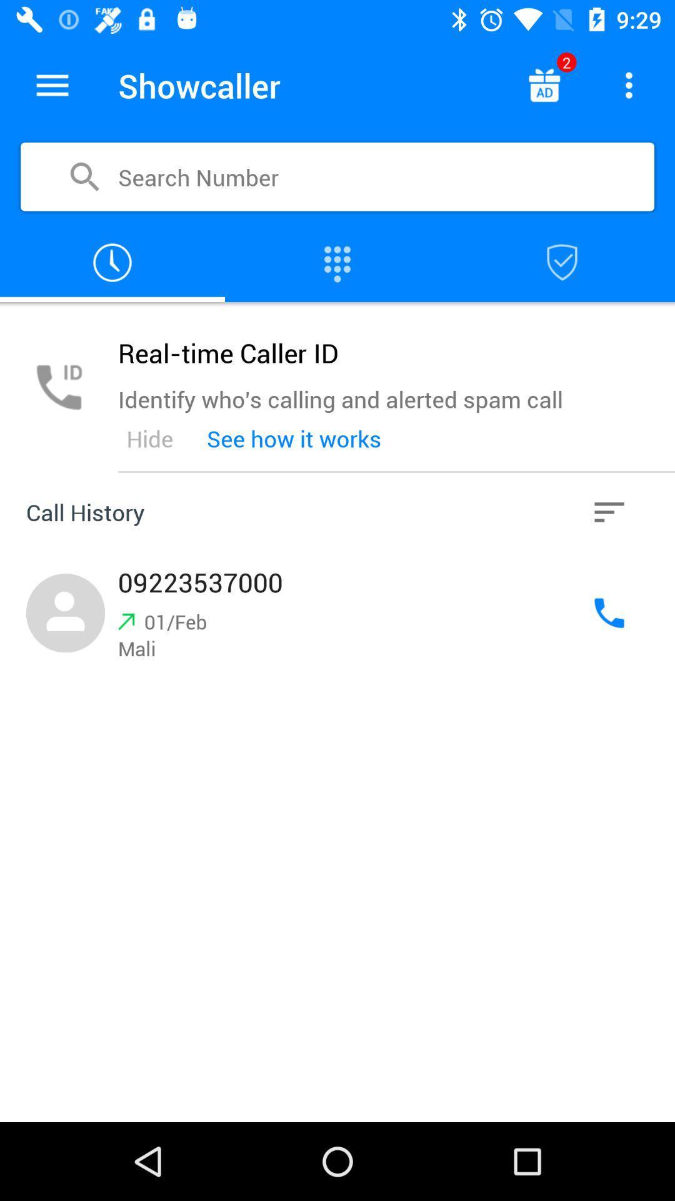 The height and width of the screenshot is (1201, 675). Describe the element at coordinates (337, 262) in the screenshot. I see `open keypad` at that location.